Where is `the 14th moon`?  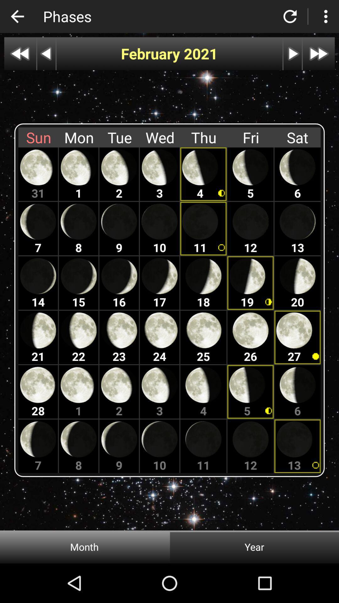
the 14th moon is located at coordinates (38, 283).